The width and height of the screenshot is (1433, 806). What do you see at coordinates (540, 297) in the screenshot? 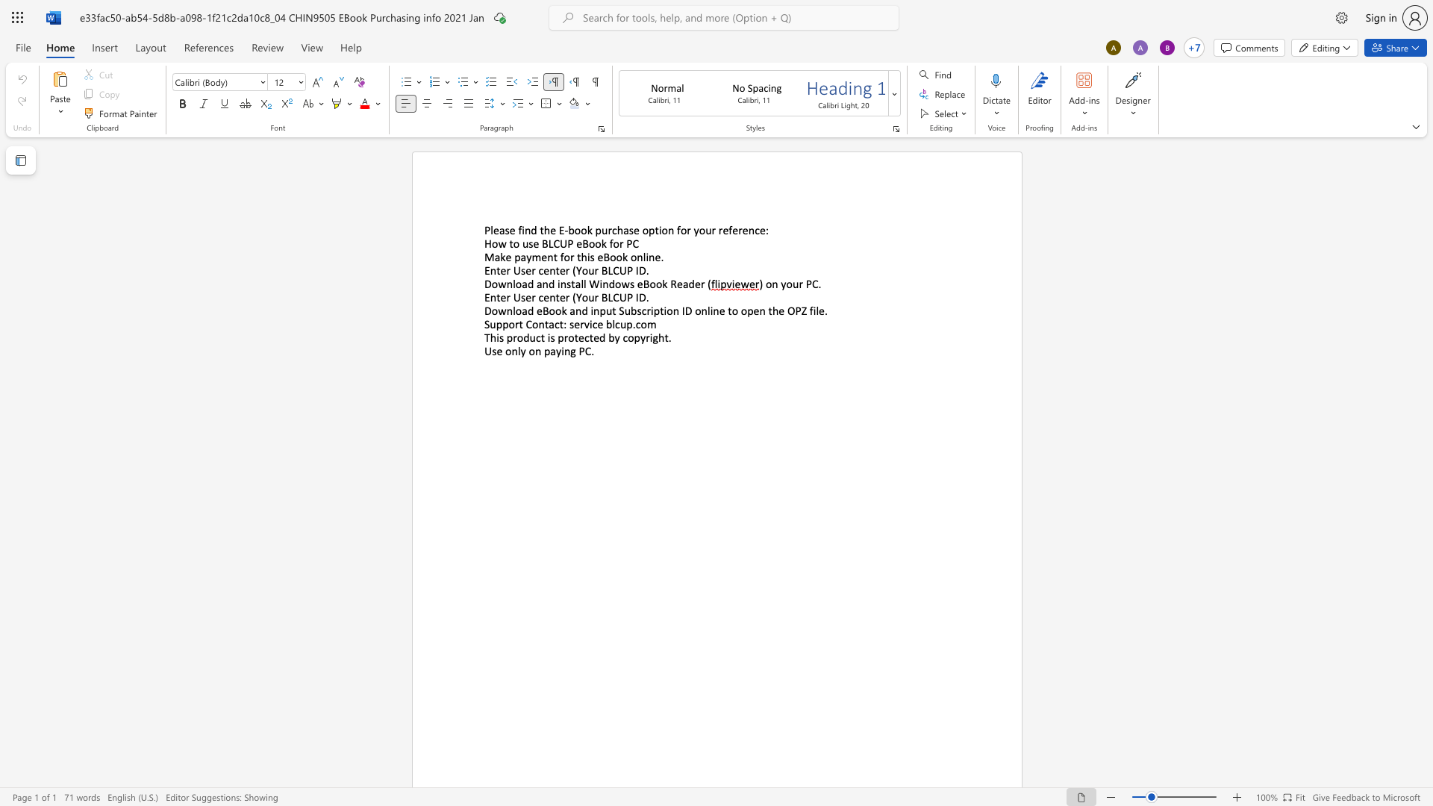
I see `the 1th character "c" in the text` at bounding box center [540, 297].